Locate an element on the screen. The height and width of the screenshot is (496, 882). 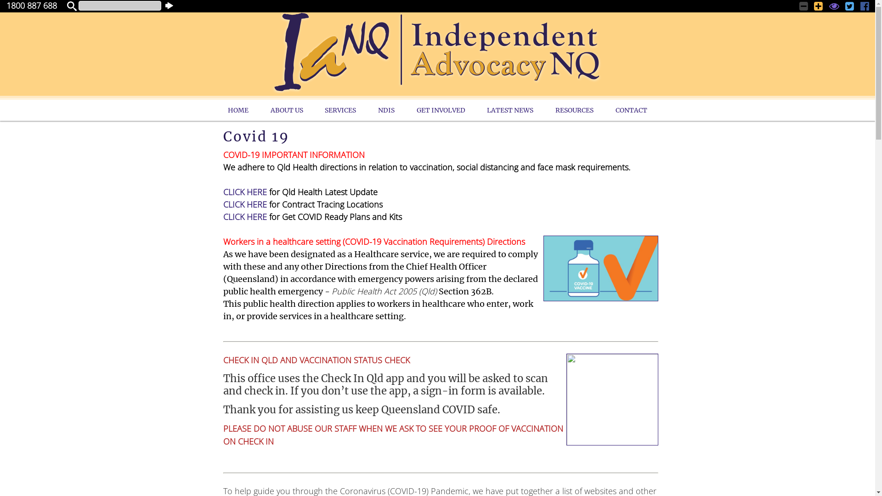
'GET INVOLVED' is located at coordinates (441, 109).